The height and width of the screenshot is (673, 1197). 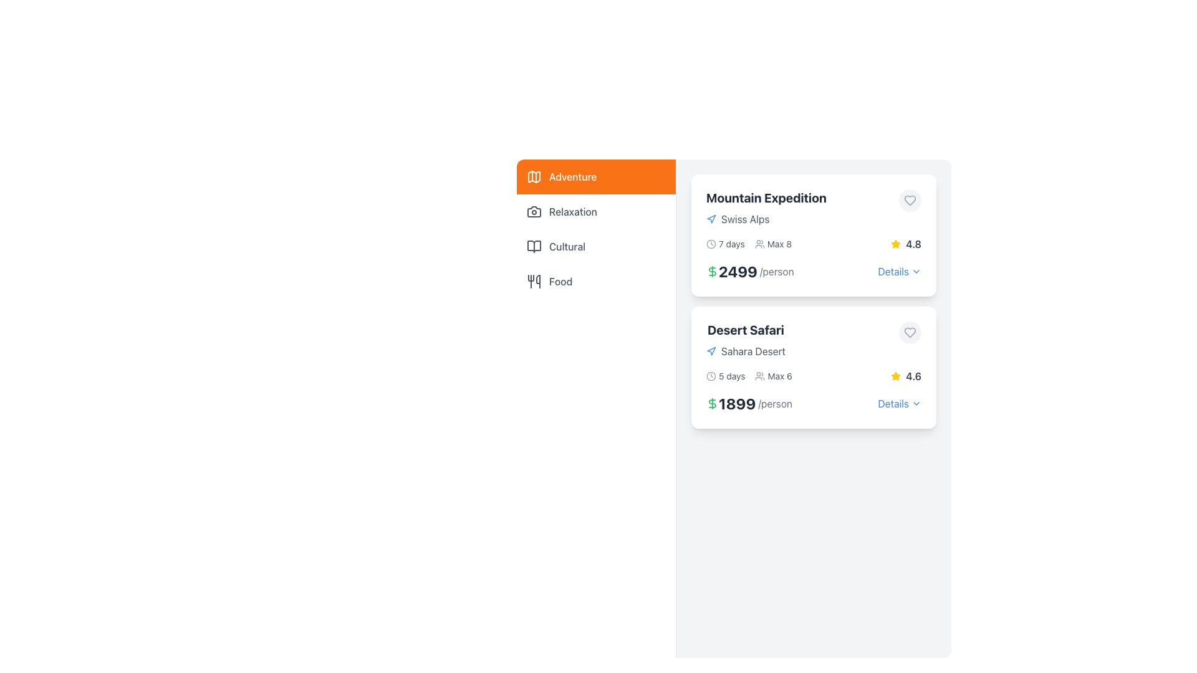 I want to click on the clock icon located in the details section of the Desert Safari card, which is styled with gray strokes and a circular outline, so click(x=711, y=376).